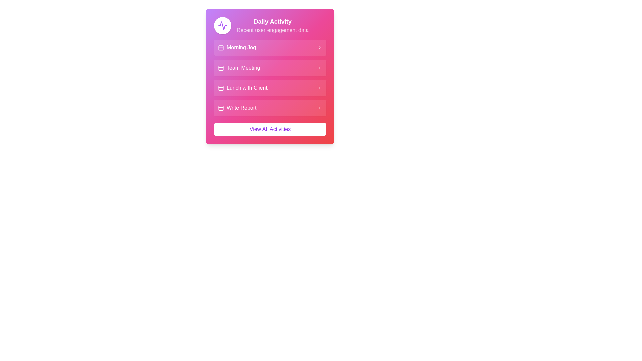 The width and height of the screenshot is (642, 361). I want to click on the SVG rectangle component representing the calendar icon within the 'Team Meeting' button, which is the second button from the top in the vertical stack of options, so click(221, 68).